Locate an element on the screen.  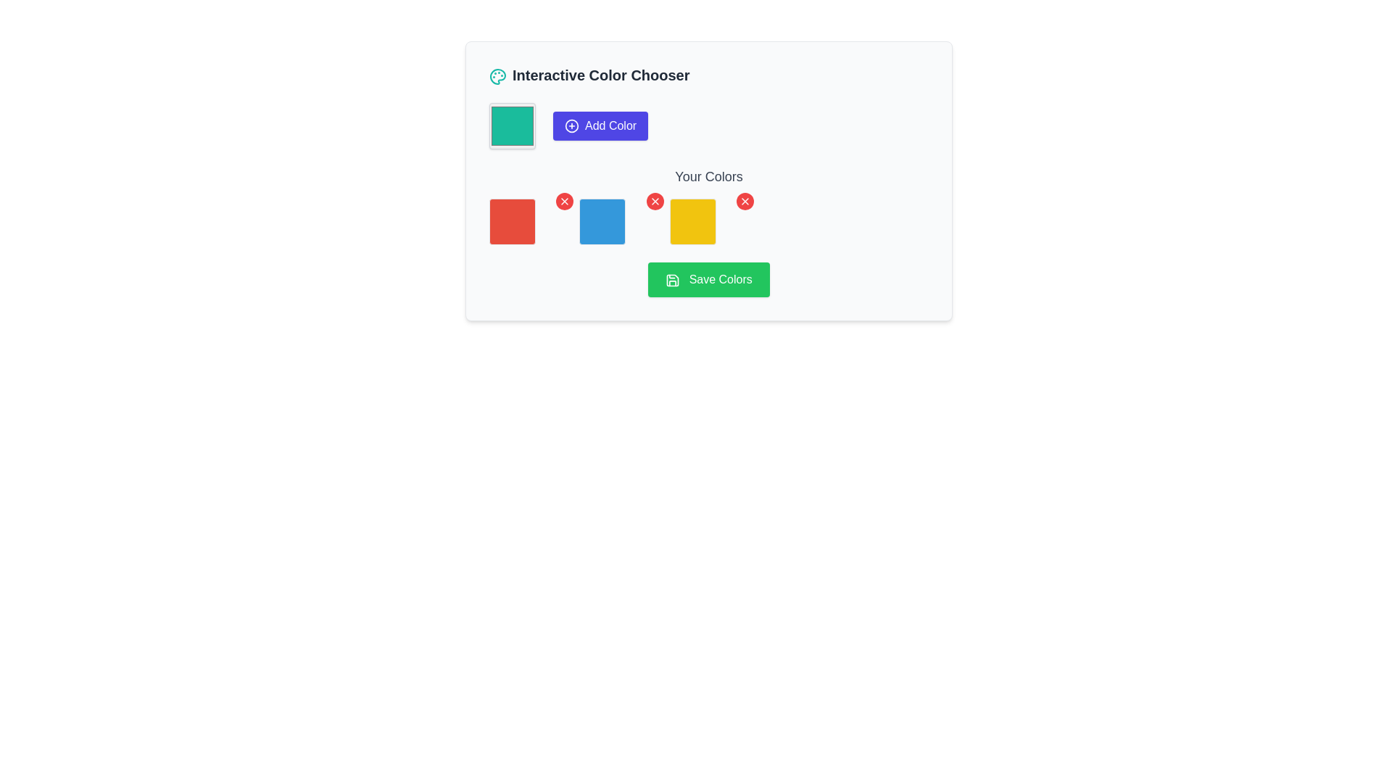
the Text Header displaying 'Interactive Color Chooser', which is bold and dark gray, located in the top-left portion of the interface, preceded by a teal paint palette icon is located at coordinates (589, 75).